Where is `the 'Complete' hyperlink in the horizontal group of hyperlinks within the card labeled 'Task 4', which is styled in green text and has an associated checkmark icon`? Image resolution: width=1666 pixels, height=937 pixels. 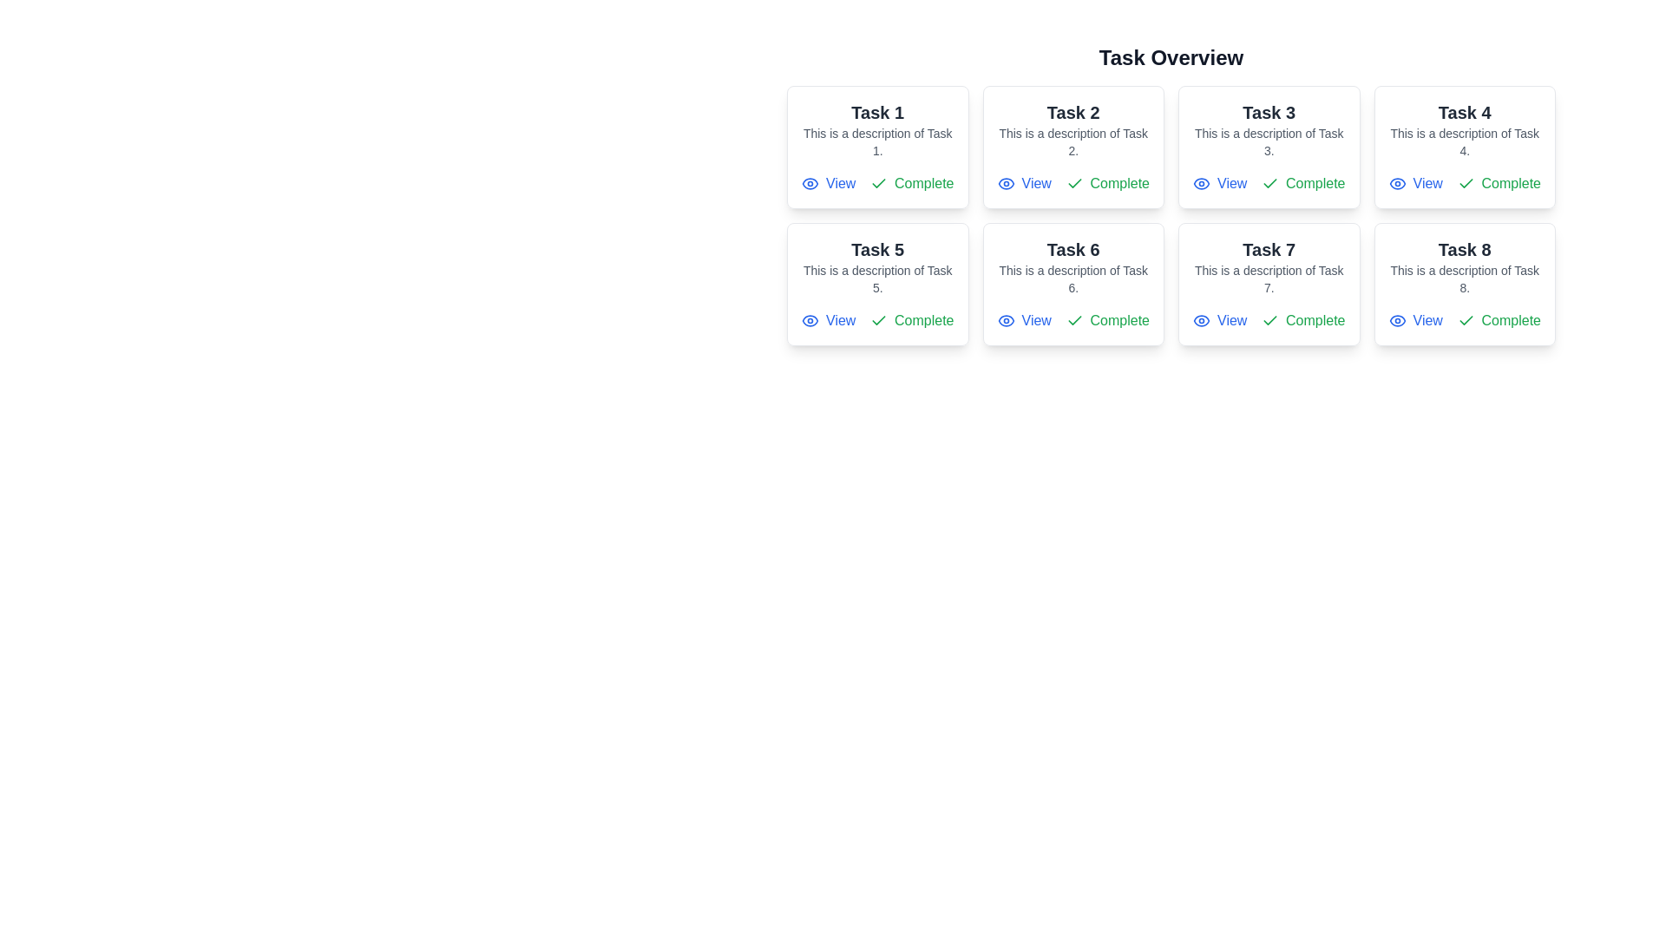 the 'Complete' hyperlink in the horizontal group of hyperlinks within the card labeled 'Task 4', which is styled in green text and has an associated checkmark icon is located at coordinates (1464, 184).